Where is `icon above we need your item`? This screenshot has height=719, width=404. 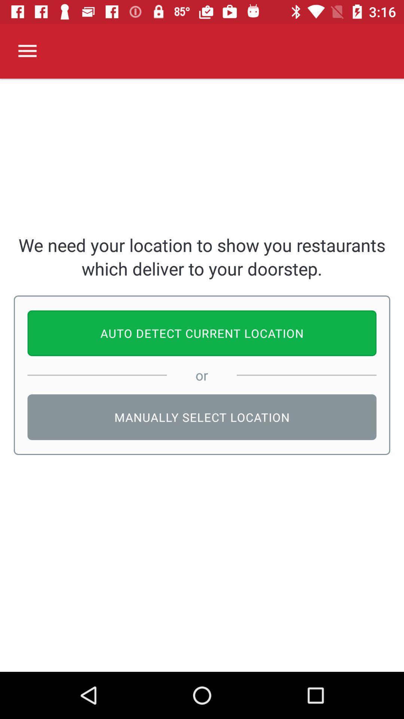
icon above we need your item is located at coordinates (27, 51).